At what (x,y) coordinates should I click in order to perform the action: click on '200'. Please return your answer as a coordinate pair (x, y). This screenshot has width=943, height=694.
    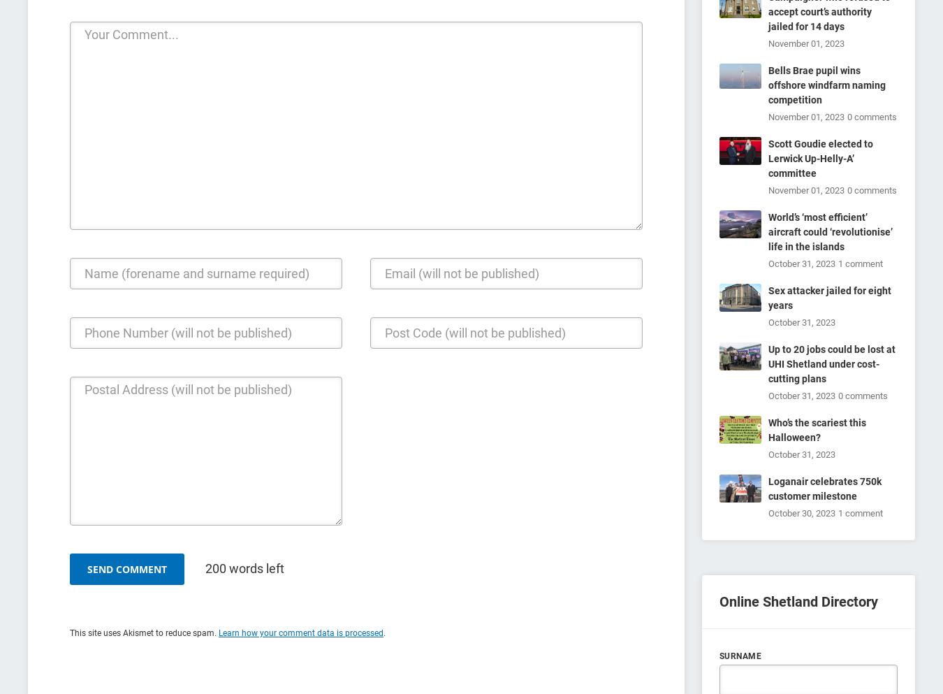
    Looking at the image, I should click on (215, 568).